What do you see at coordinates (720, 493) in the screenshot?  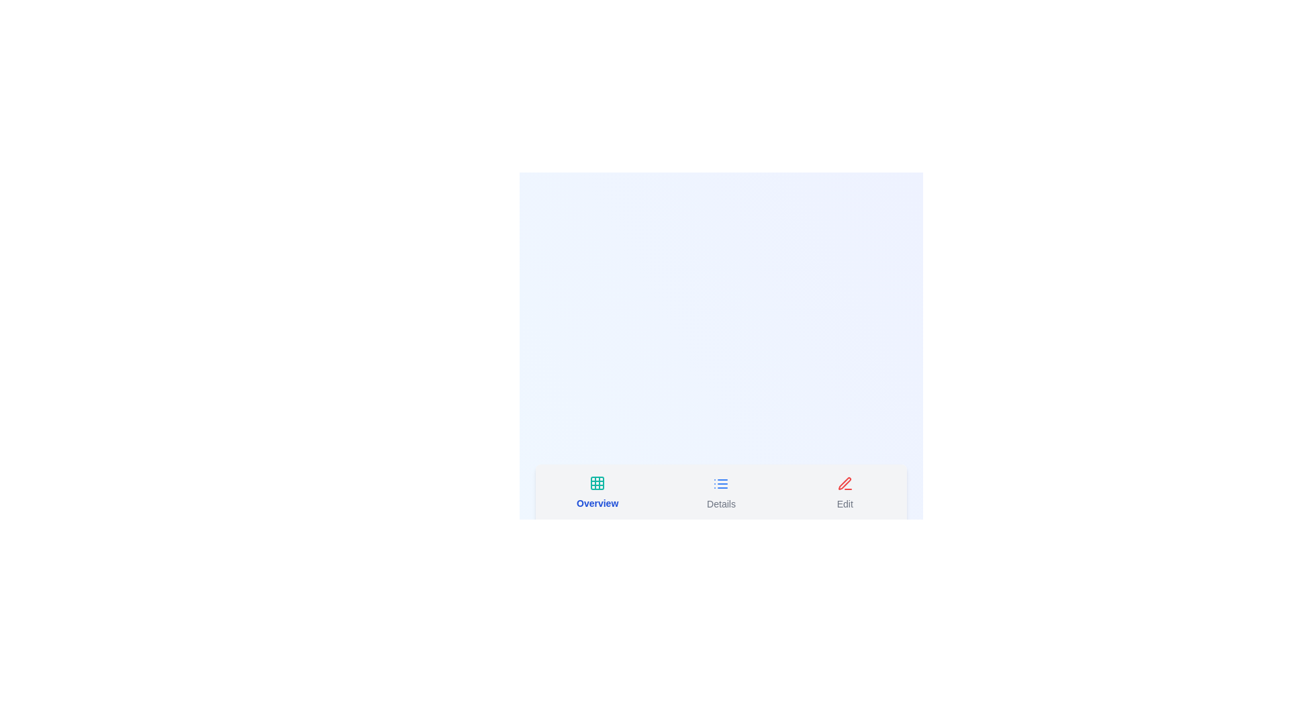 I see `the Details tab to inspect its layout and visual styling` at bounding box center [720, 493].